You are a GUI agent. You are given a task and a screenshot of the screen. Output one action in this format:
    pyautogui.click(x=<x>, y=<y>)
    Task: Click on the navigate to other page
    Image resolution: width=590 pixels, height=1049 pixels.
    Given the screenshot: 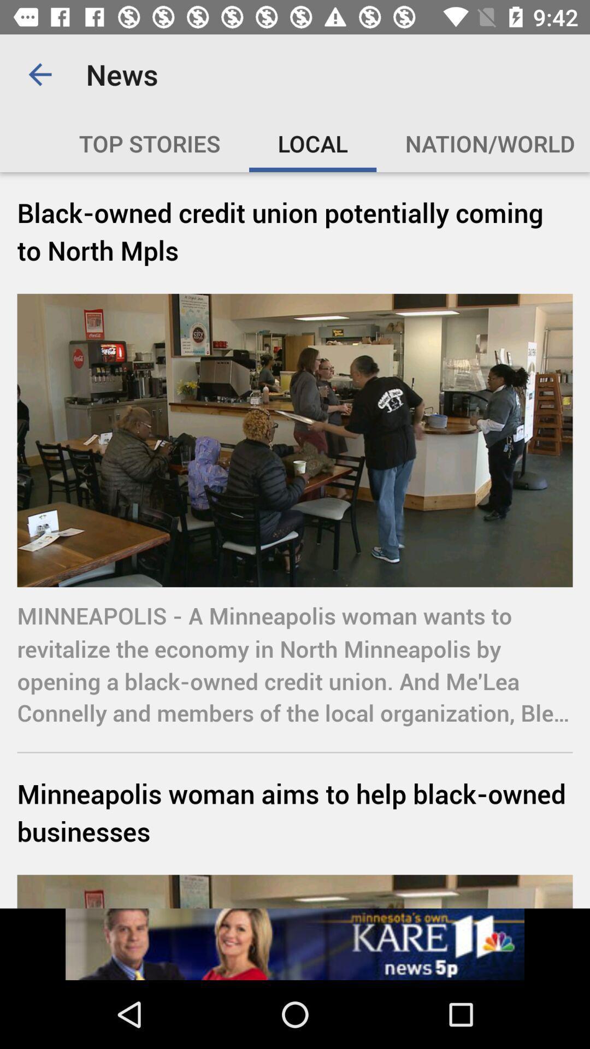 What is the action you would take?
    pyautogui.click(x=295, y=944)
    